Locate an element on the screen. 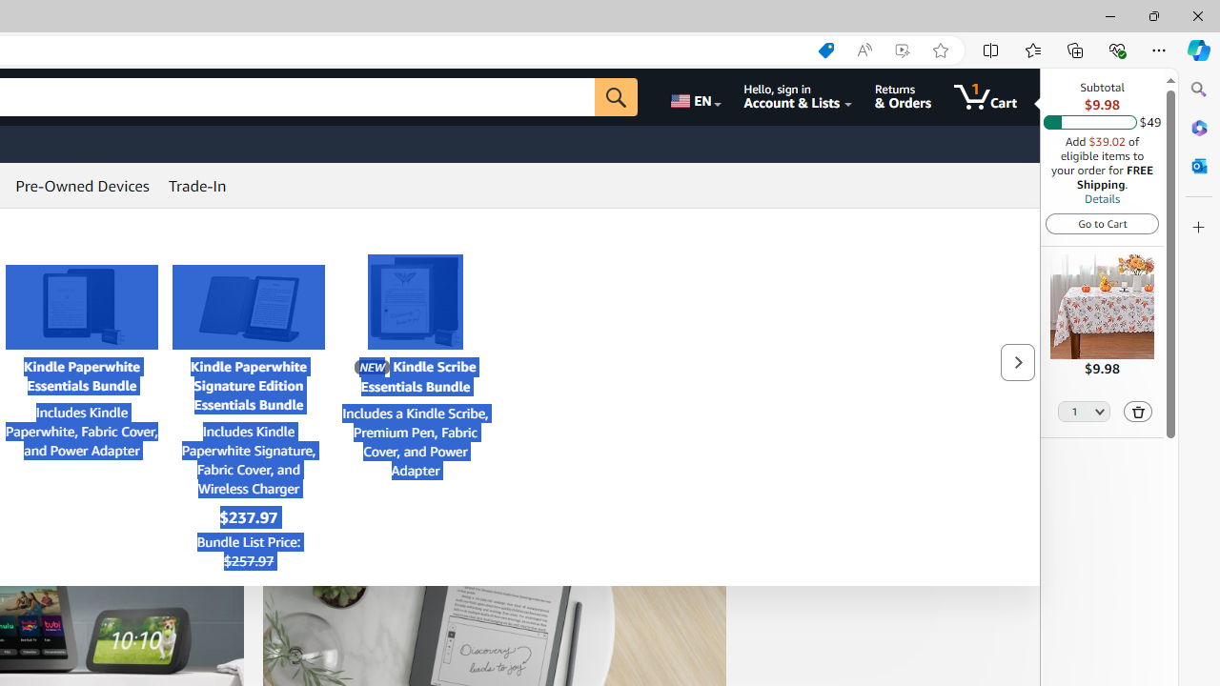  'Quantity Selector' is located at coordinates (1084, 409).